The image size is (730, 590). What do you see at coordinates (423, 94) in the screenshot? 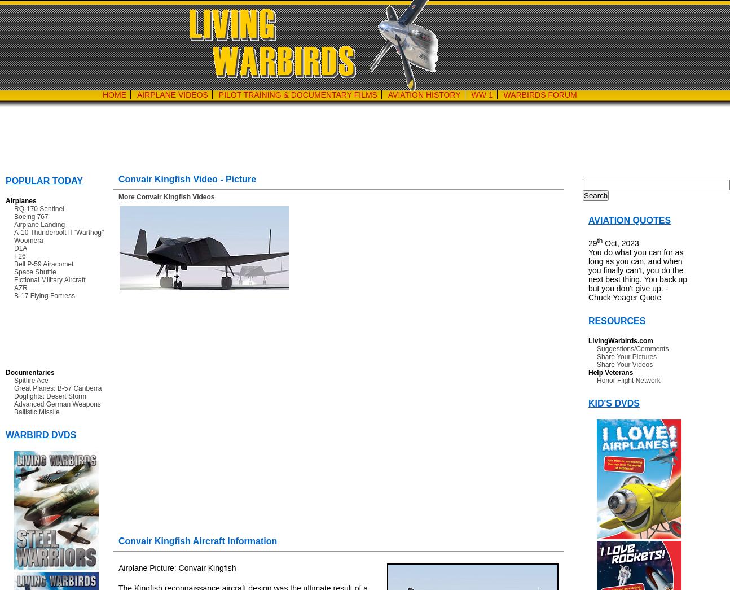
I see `'Aviation History'` at bounding box center [423, 94].